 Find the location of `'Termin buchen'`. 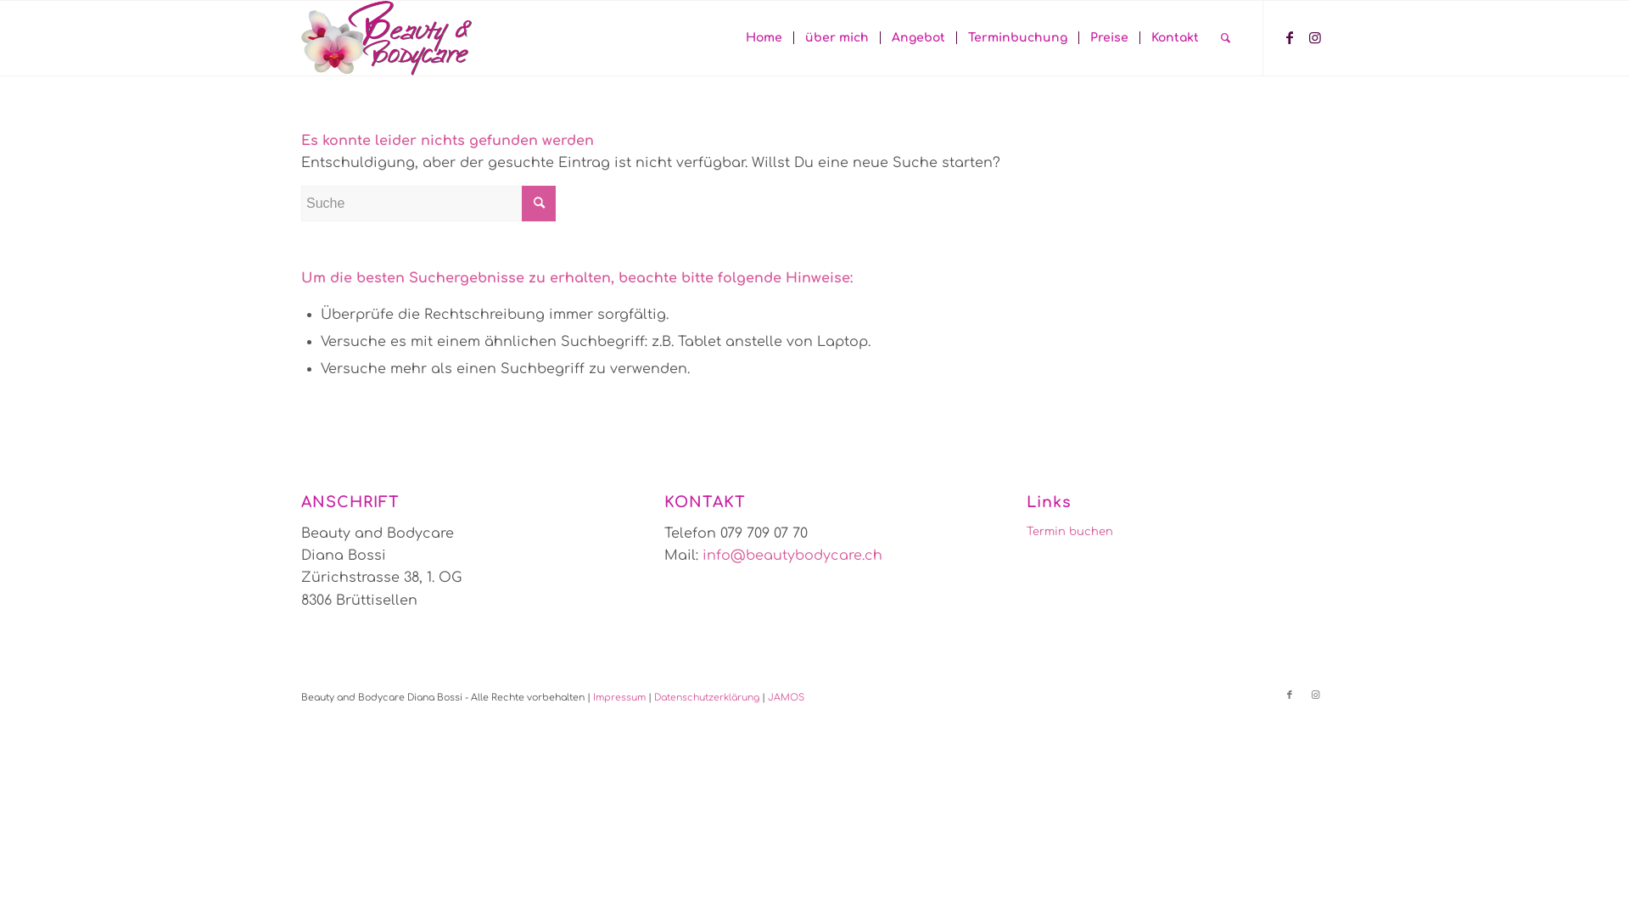

'Termin buchen' is located at coordinates (1176, 531).